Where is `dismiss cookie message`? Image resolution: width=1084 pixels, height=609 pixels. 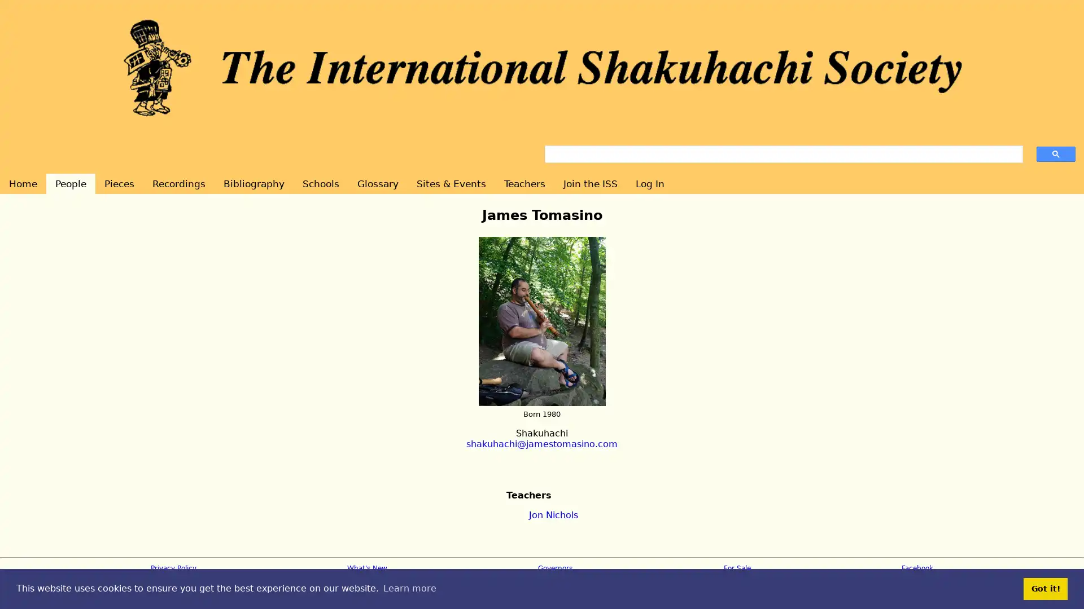
dismiss cookie message is located at coordinates (1045, 588).